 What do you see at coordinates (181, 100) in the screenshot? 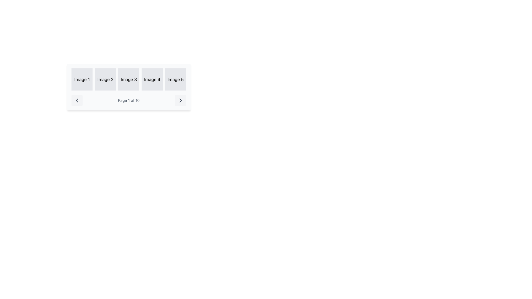
I see `the pagination button located at the far-right side of the pagination control group to observe its hover effect` at bounding box center [181, 100].